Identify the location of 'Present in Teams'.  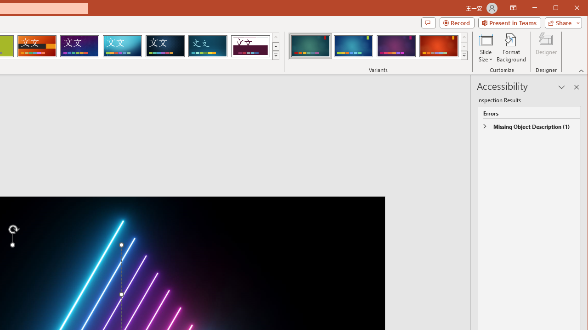
(509, 22).